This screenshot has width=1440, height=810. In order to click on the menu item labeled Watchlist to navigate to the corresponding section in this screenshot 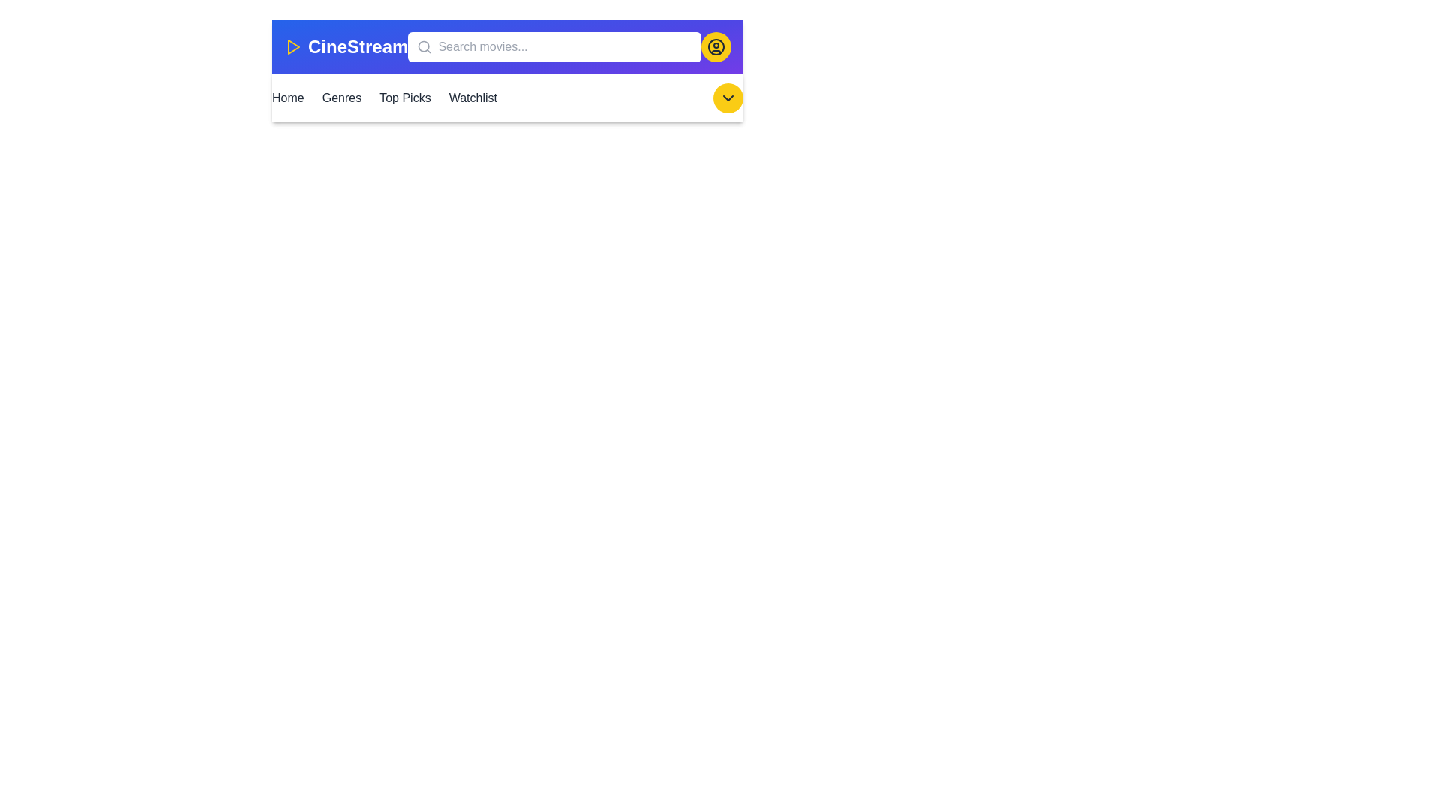, I will do `click(471, 98)`.